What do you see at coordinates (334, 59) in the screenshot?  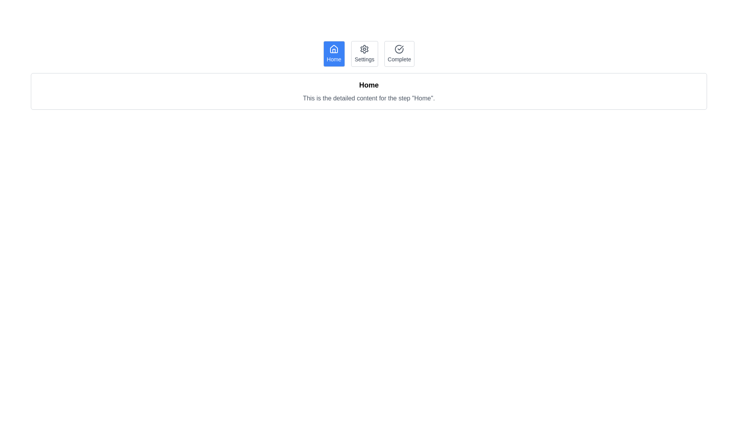 I see `the 'Home' static text label which is displayed in white on a blue rounded rectangular button, located in the bottom section of the navigation bar beneath a house icon` at bounding box center [334, 59].